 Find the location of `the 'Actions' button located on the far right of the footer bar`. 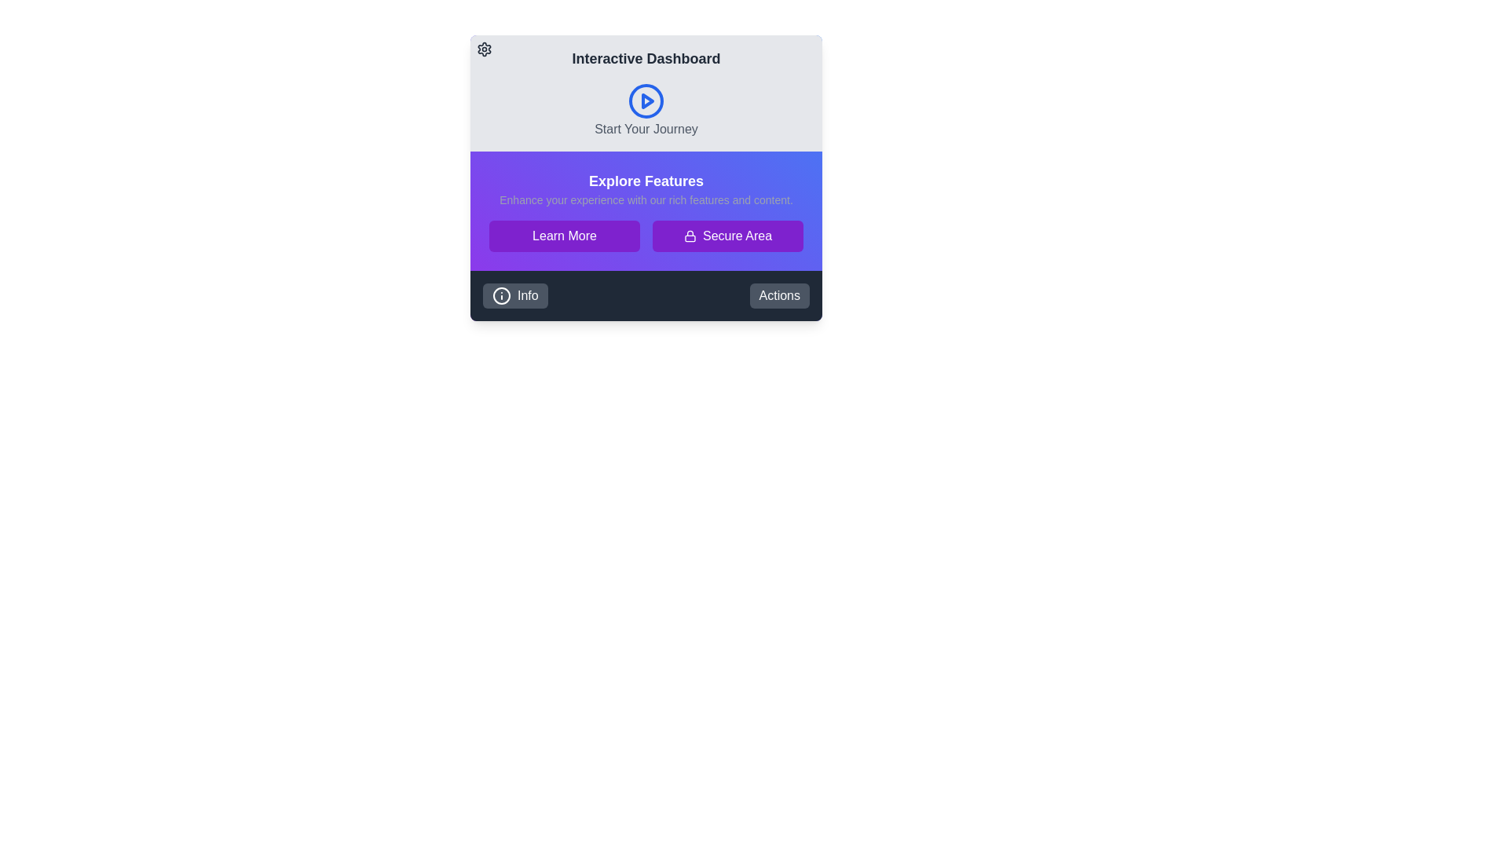

the 'Actions' button located on the far right of the footer bar is located at coordinates (779, 296).